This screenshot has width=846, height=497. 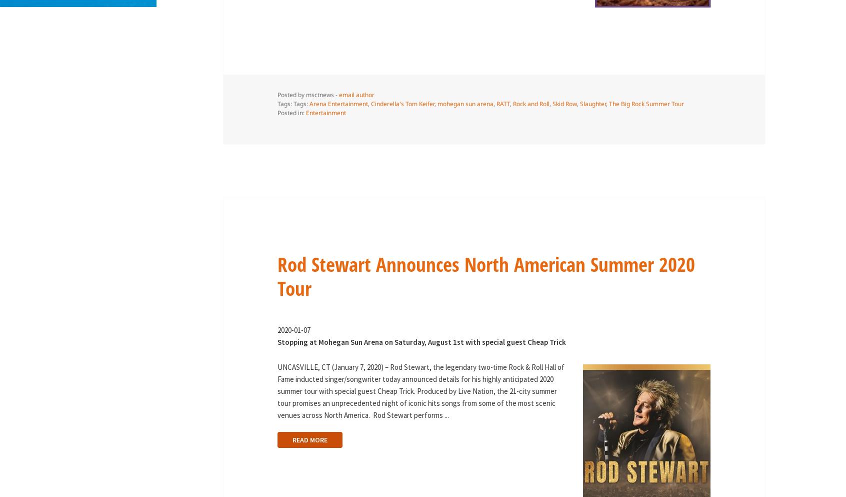 I want to click on 'RATT', so click(x=502, y=104).